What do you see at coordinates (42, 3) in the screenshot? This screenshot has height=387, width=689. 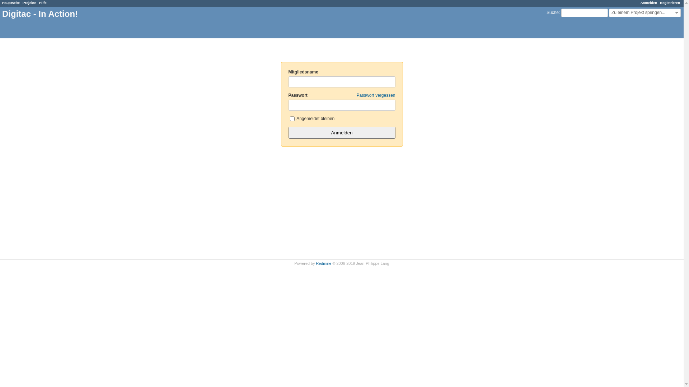 I see `'Hilfe'` at bounding box center [42, 3].